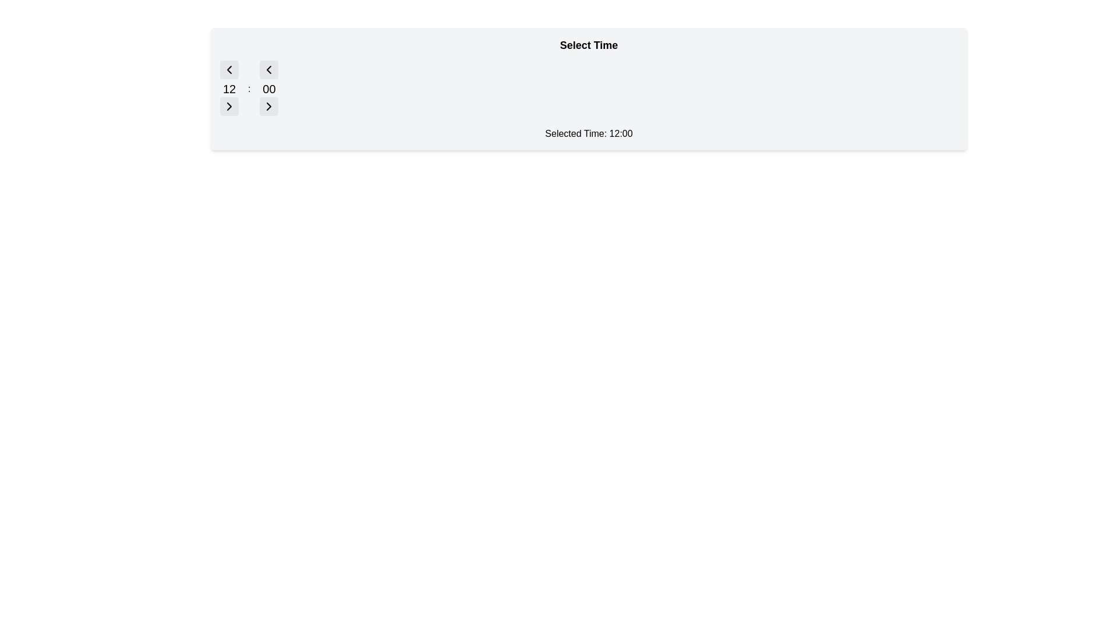  Describe the element at coordinates (229, 106) in the screenshot. I see `the rounded button with a light gray background and a right-facing chevron icon to decrease the hour, located below the '12' hour text and above the 'Increase Hour' button` at that location.